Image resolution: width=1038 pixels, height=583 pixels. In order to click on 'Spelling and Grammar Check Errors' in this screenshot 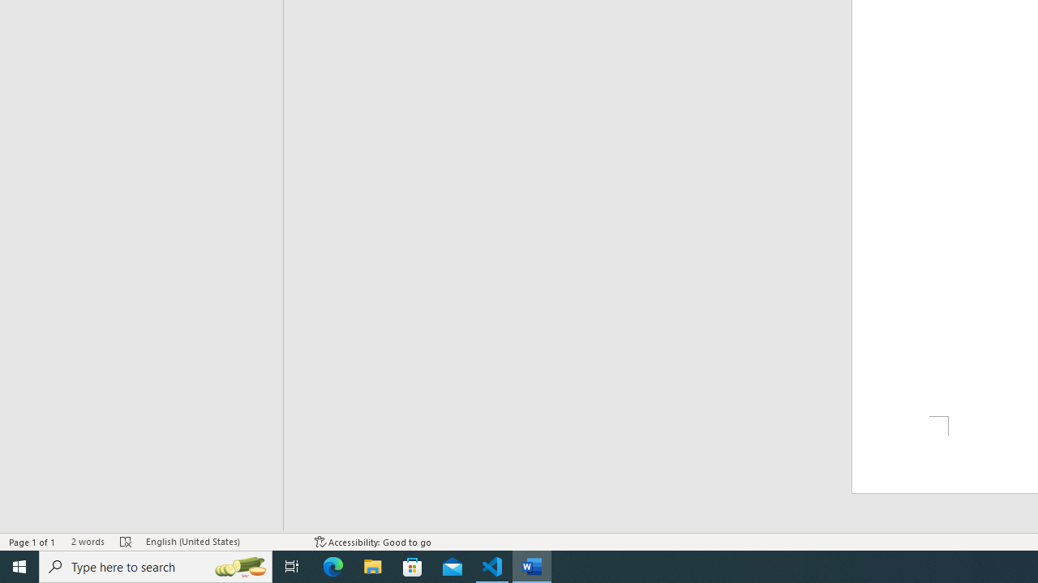, I will do `click(125, 542)`.